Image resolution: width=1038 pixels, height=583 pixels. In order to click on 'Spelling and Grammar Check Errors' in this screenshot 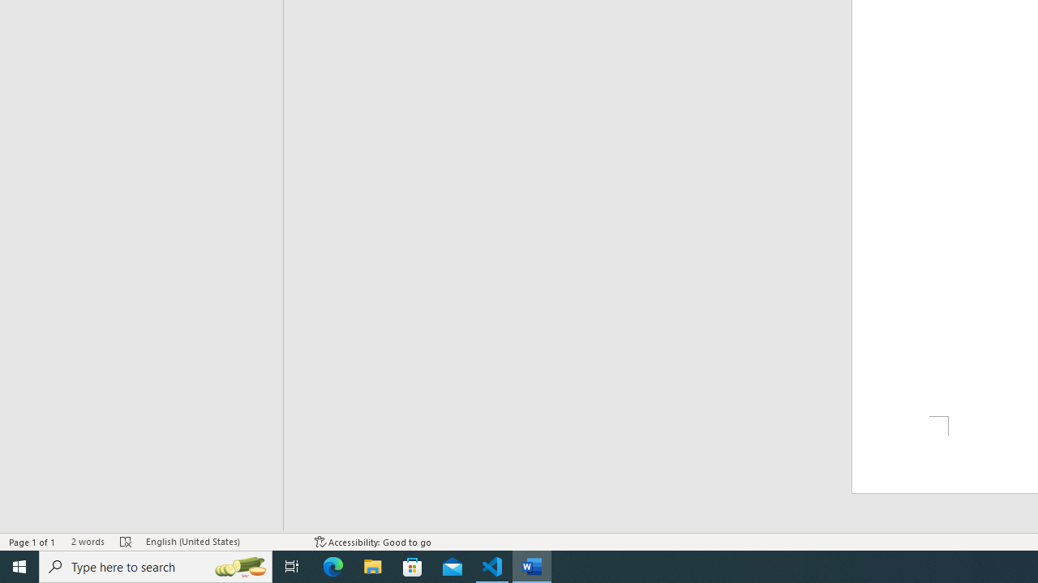, I will do `click(125, 542)`.